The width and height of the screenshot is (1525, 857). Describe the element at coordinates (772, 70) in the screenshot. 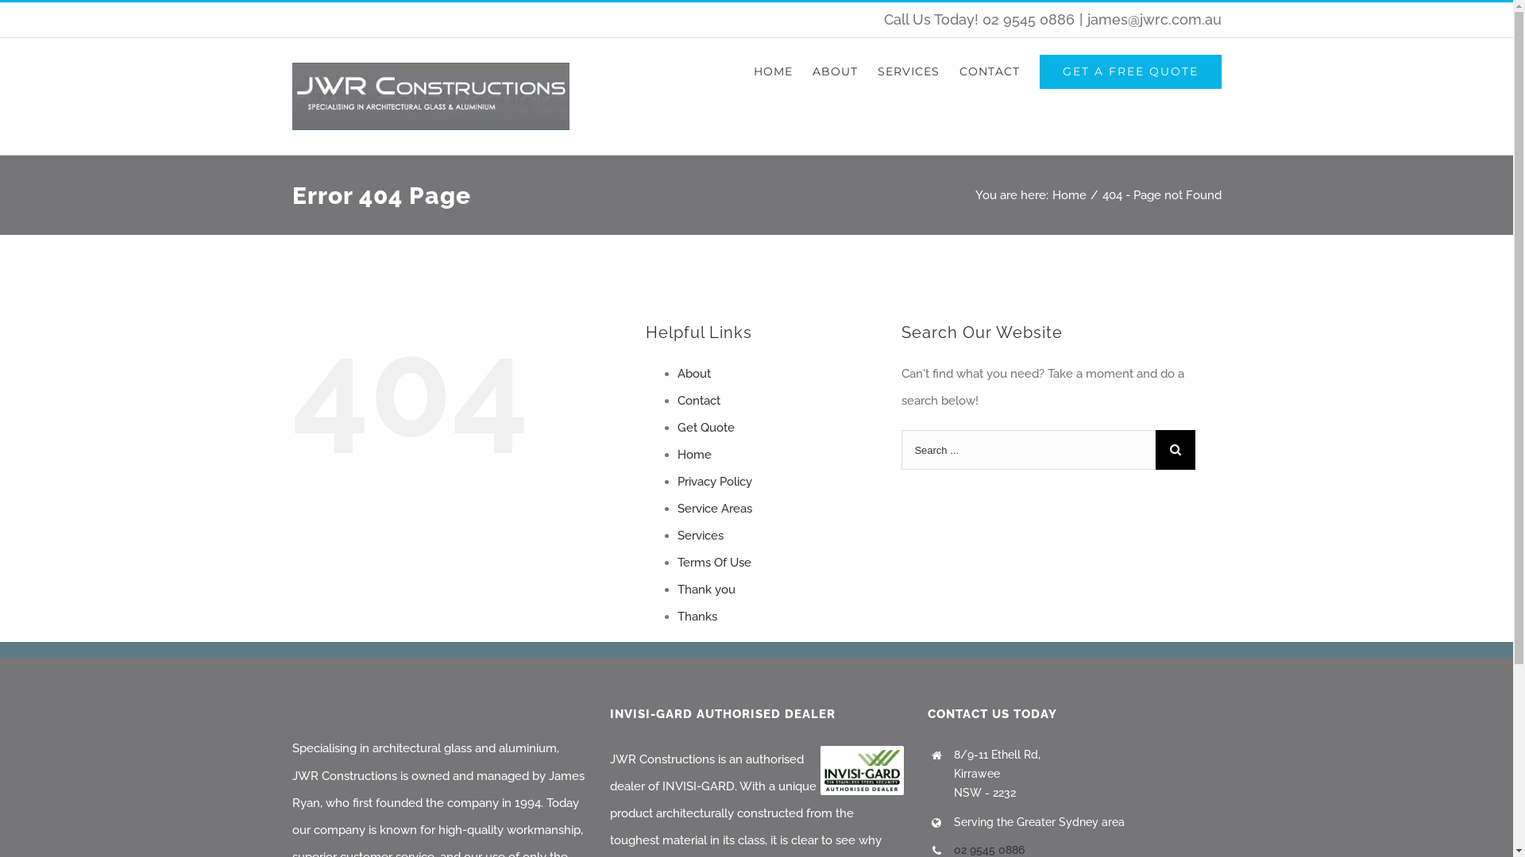

I see `'HOME'` at that location.